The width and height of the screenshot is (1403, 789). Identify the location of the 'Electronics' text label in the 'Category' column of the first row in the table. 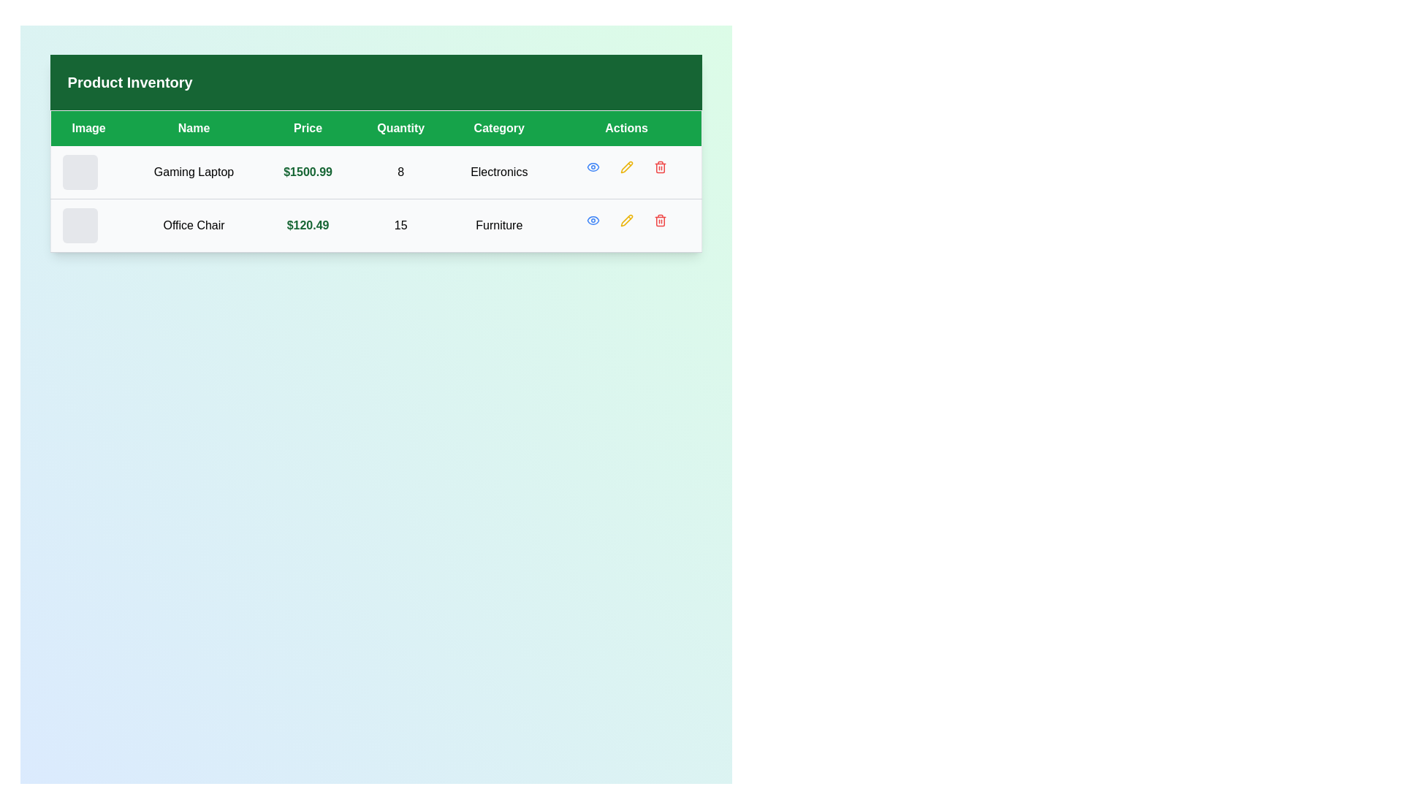
(499, 172).